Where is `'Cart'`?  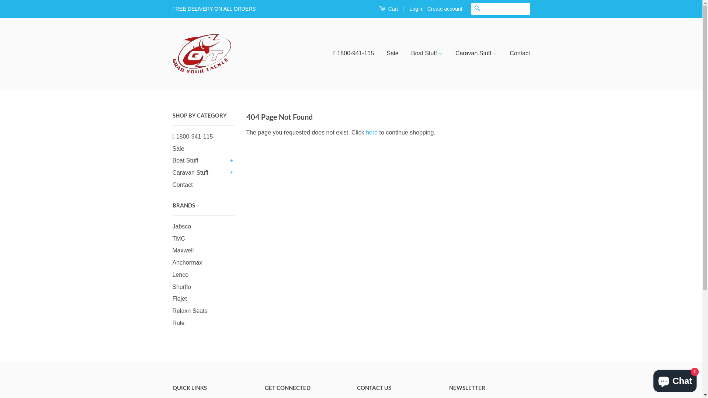
'Cart' is located at coordinates (388, 8).